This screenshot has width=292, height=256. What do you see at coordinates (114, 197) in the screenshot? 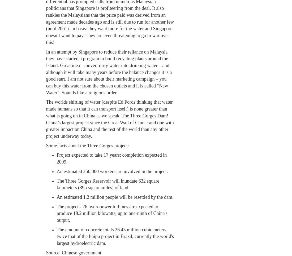
I see `'An estimated 1.2 million people will be resettled by the dam.'` at bounding box center [114, 197].